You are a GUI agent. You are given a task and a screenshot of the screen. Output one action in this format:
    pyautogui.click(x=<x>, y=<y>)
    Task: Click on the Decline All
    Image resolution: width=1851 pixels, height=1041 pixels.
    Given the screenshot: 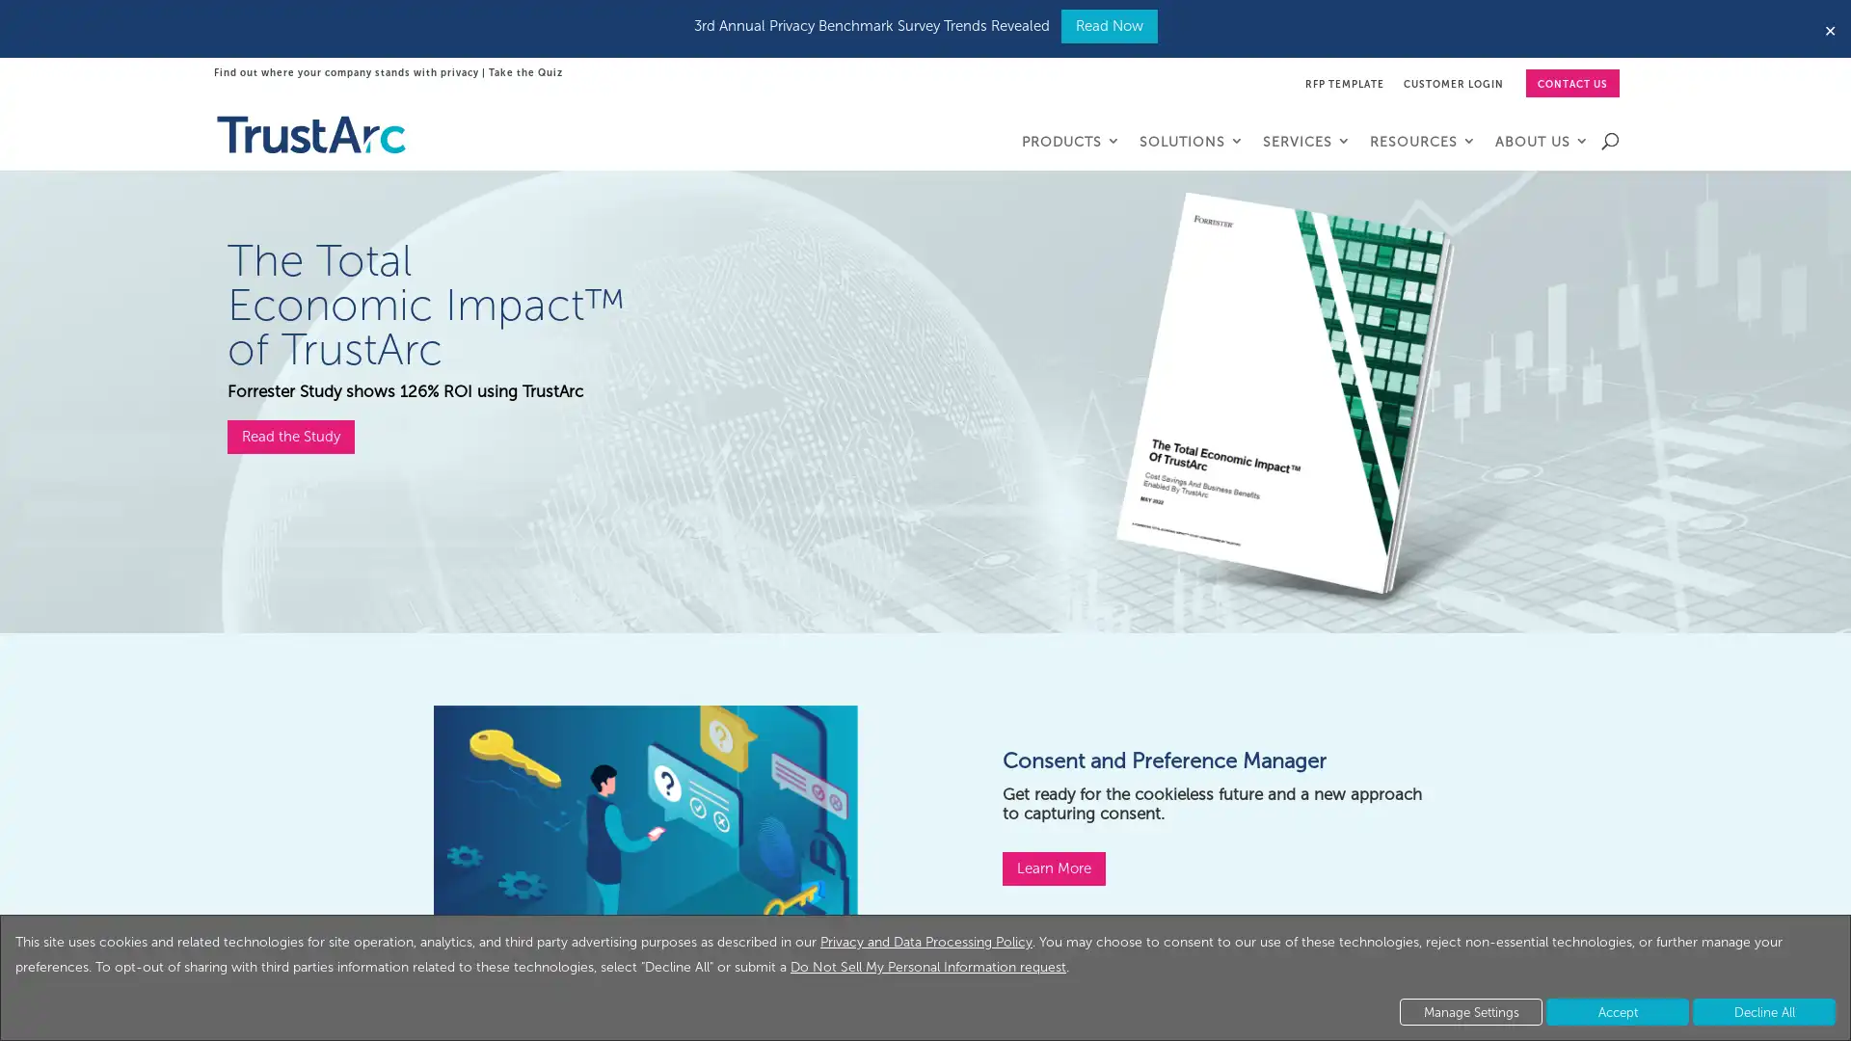 What is the action you would take?
    pyautogui.click(x=1763, y=1010)
    